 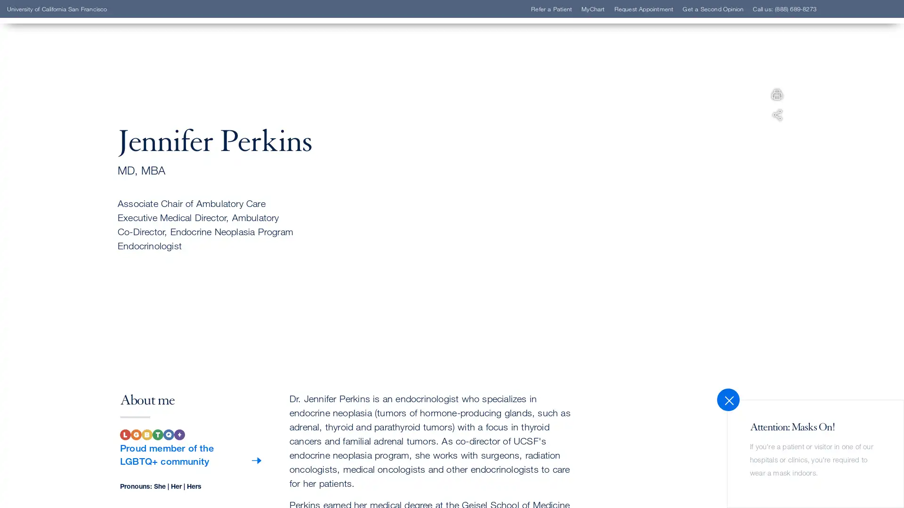 I want to click on Clinics, so click(x=51, y=166).